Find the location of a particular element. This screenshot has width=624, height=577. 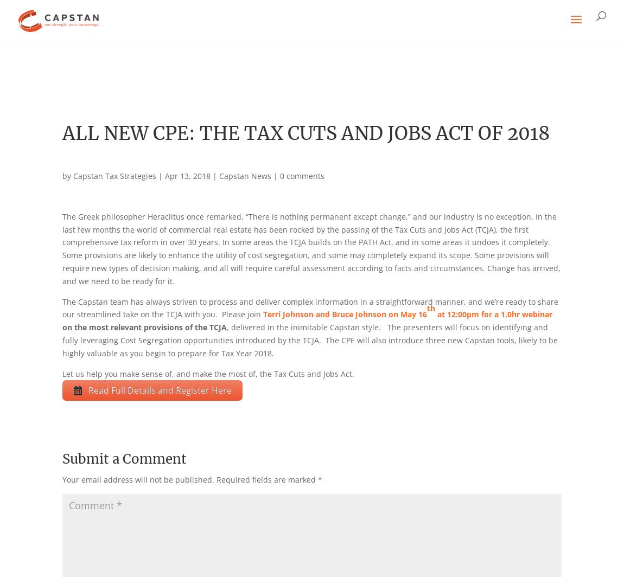

'0 comments' is located at coordinates (302, 176).